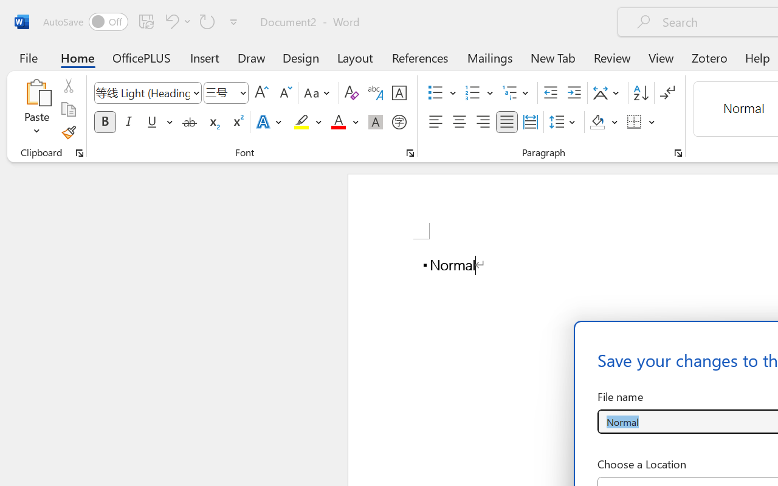 The image size is (778, 486). Describe the element at coordinates (420, 57) in the screenshot. I see `'References'` at that location.